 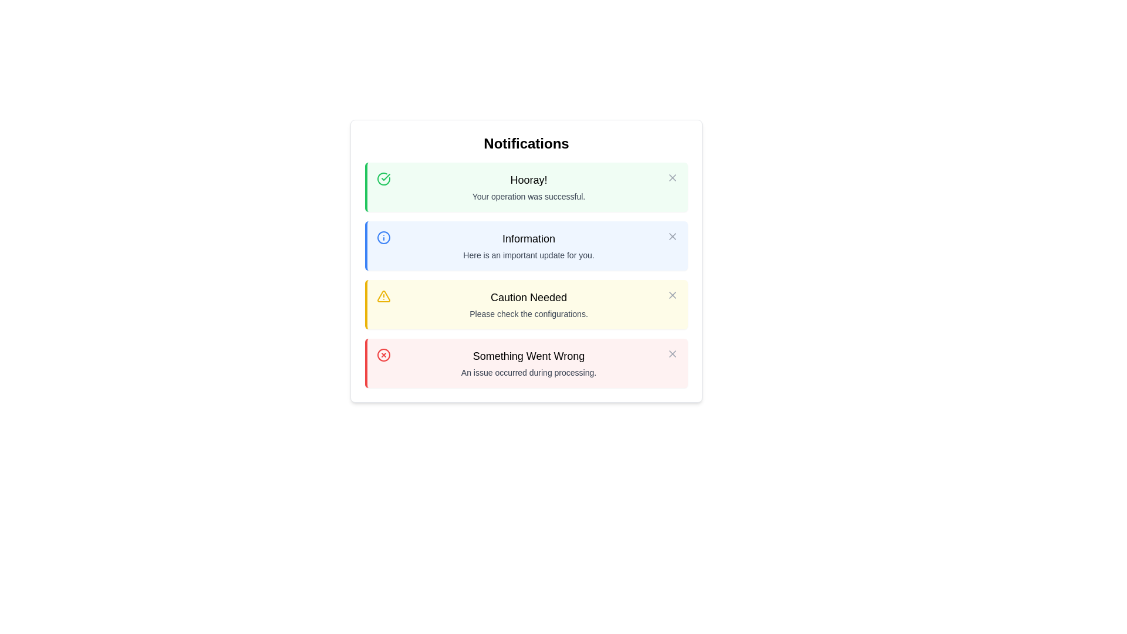 What do you see at coordinates (528, 362) in the screenshot?
I see `message in the fourth notification box with a red border and light red background, titled 'Something Went Wrong.'` at bounding box center [528, 362].